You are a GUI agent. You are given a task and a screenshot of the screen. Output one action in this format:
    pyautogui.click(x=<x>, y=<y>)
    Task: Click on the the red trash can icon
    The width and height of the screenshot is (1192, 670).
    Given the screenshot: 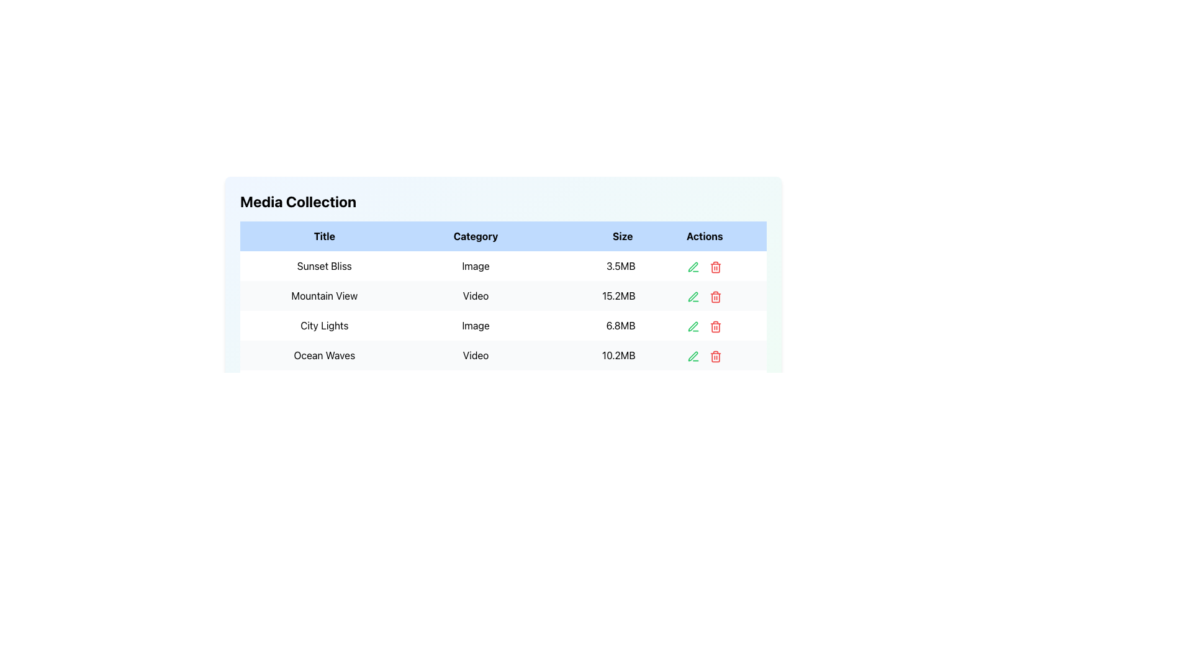 What is the action you would take?
    pyautogui.click(x=716, y=296)
    